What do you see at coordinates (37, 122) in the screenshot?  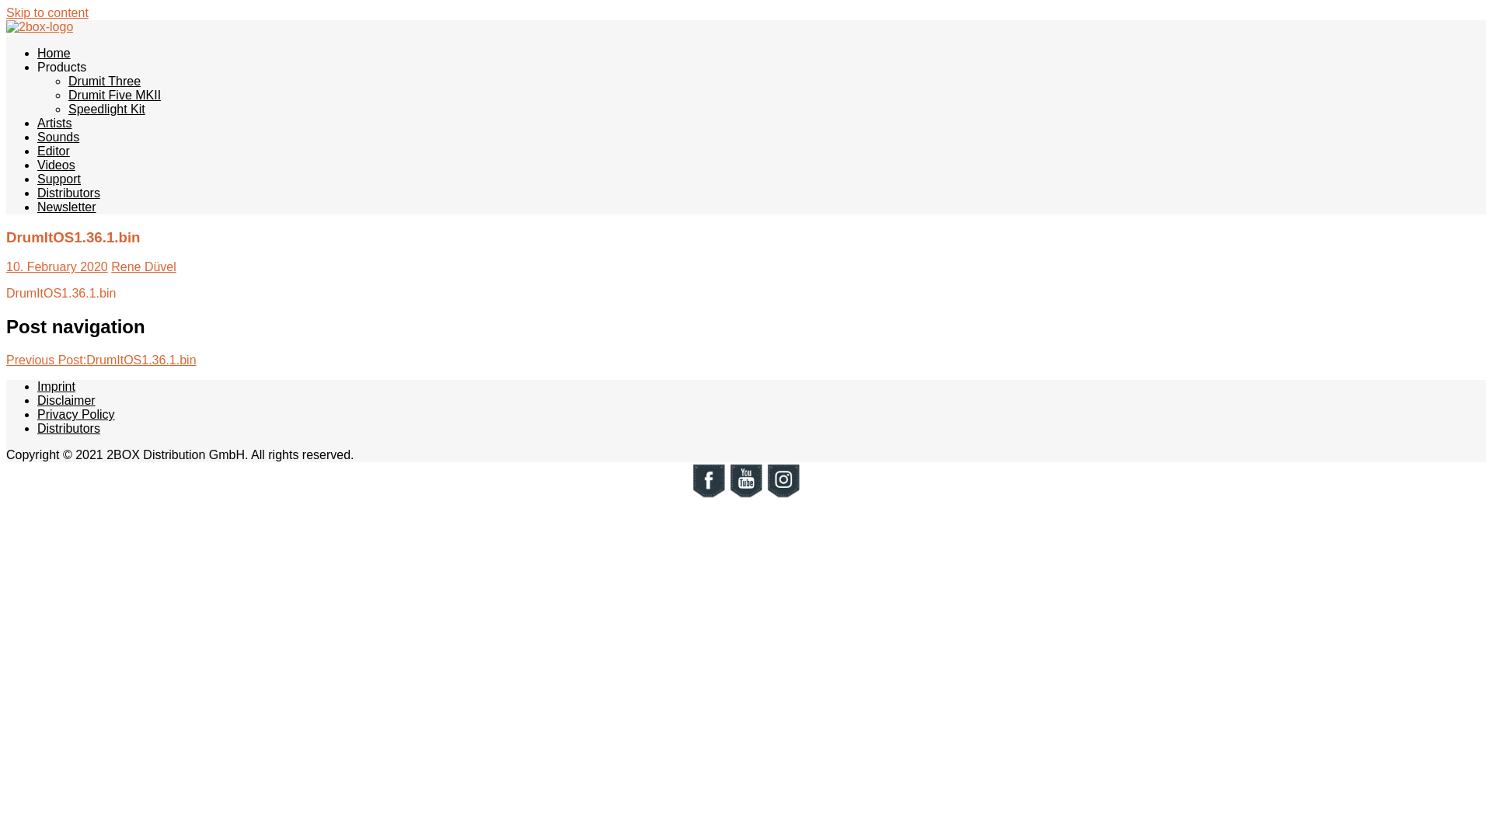 I see `'Artists'` at bounding box center [37, 122].